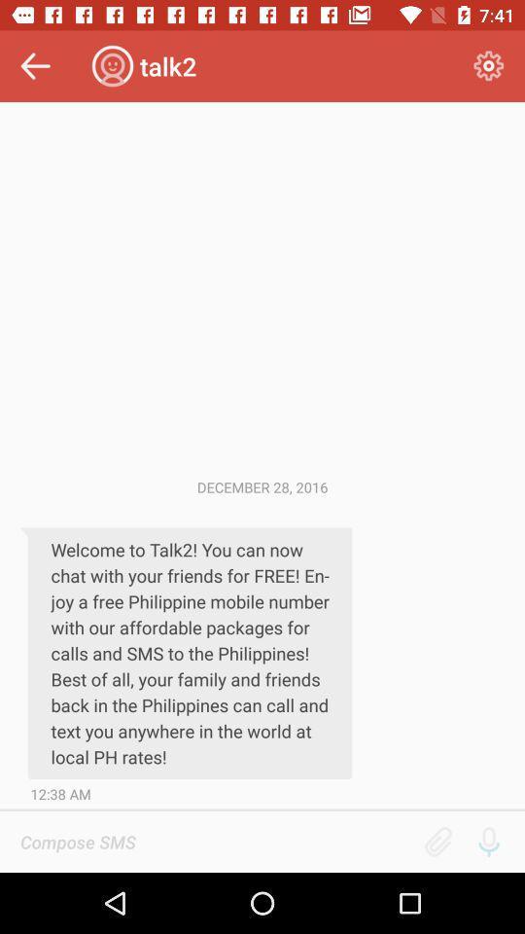  I want to click on write message, so click(215, 841).